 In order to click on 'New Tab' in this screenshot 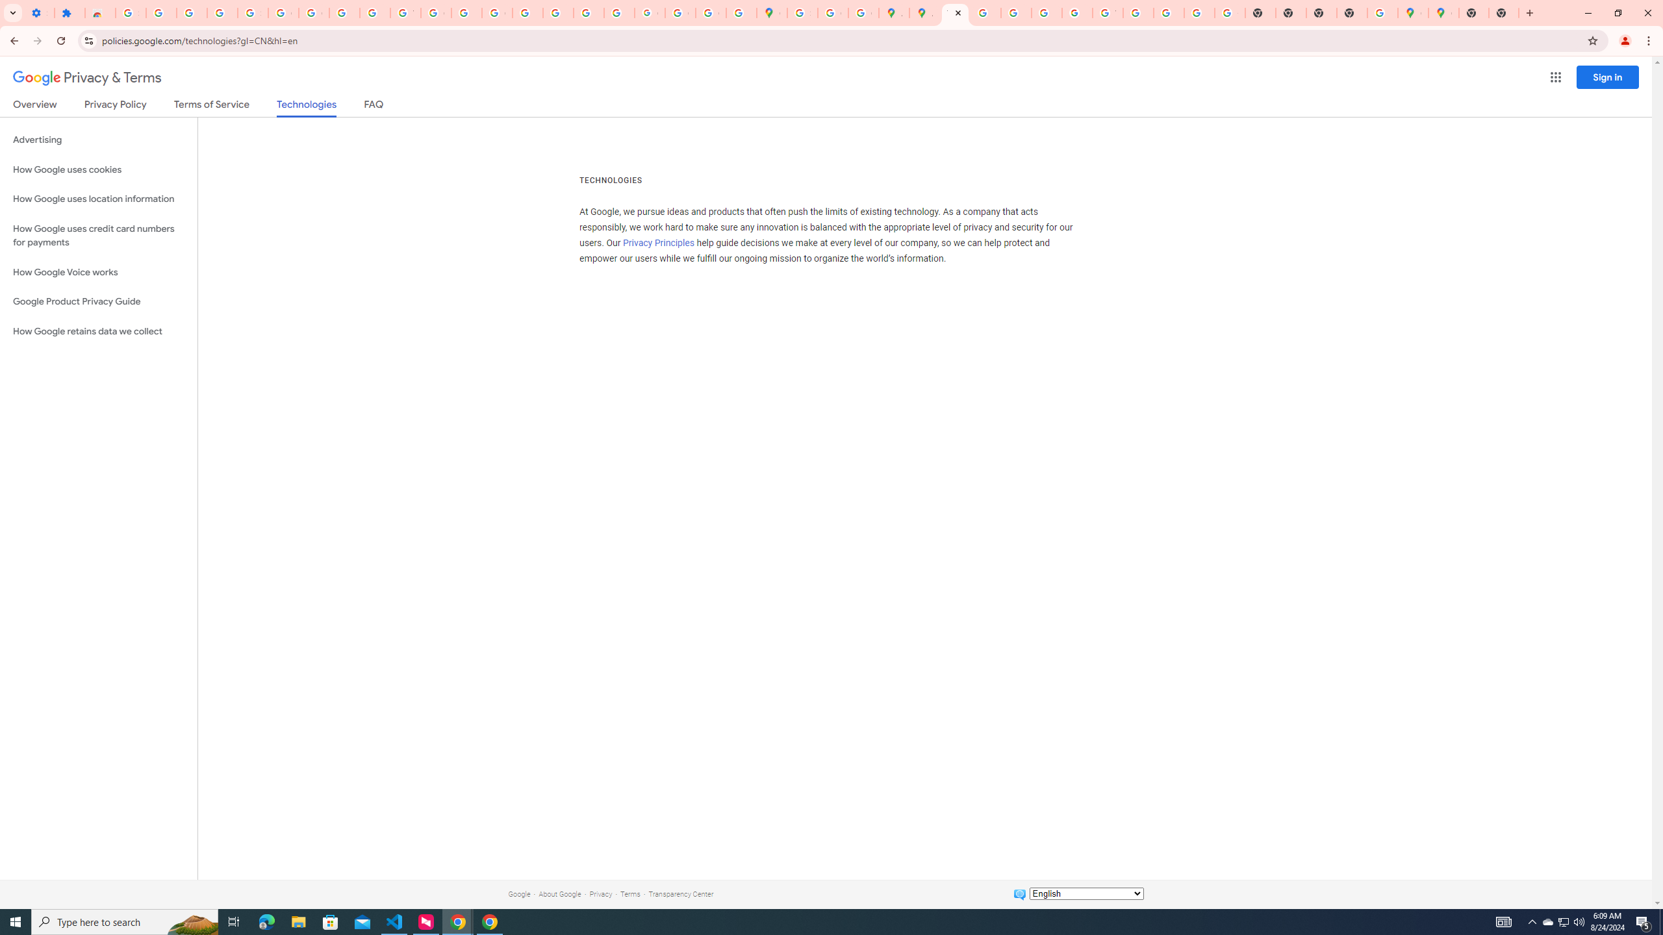, I will do `click(1473, 12)`.